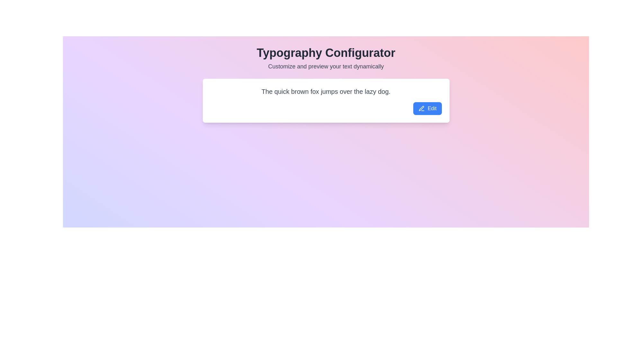  What do you see at coordinates (326, 67) in the screenshot?
I see `text from the text label positioned below the header 'Typography Configurator', which is styled in light gray and has a smaller font size` at bounding box center [326, 67].